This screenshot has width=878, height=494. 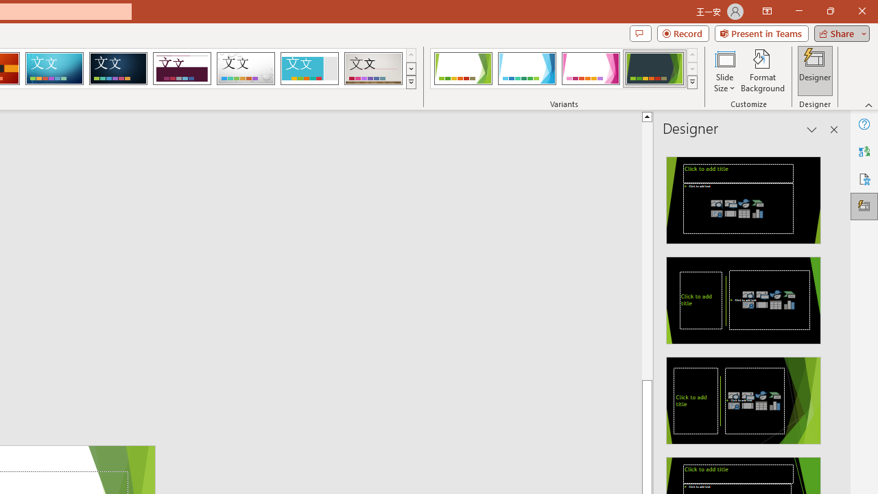 What do you see at coordinates (373, 69) in the screenshot?
I see `'Gallery'` at bounding box center [373, 69].